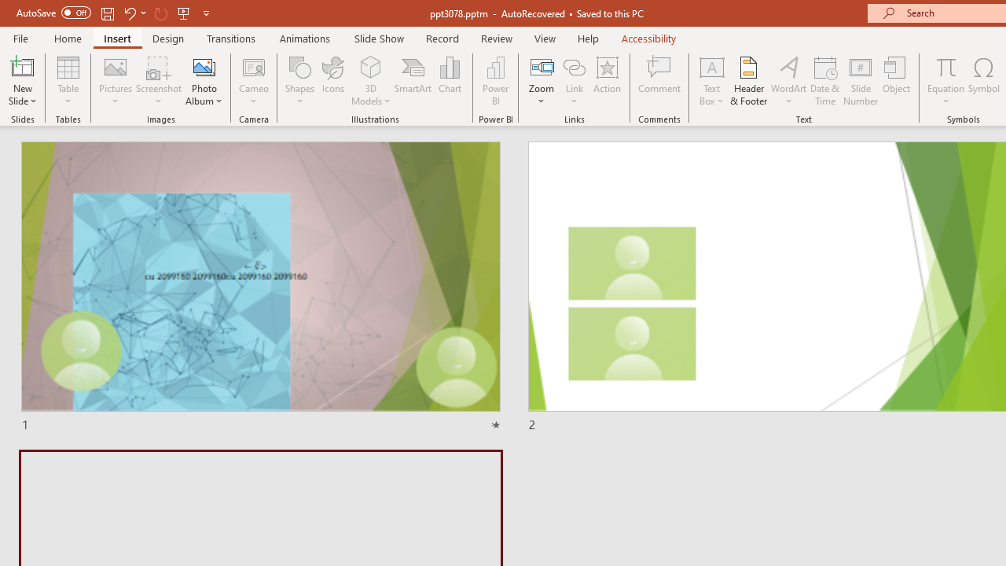 This screenshot has height=566, width=1006. What do you see at coordinates (203, 81) in the screenshot?
I see `'Photo Album...'` at bounding box center [203, 81].